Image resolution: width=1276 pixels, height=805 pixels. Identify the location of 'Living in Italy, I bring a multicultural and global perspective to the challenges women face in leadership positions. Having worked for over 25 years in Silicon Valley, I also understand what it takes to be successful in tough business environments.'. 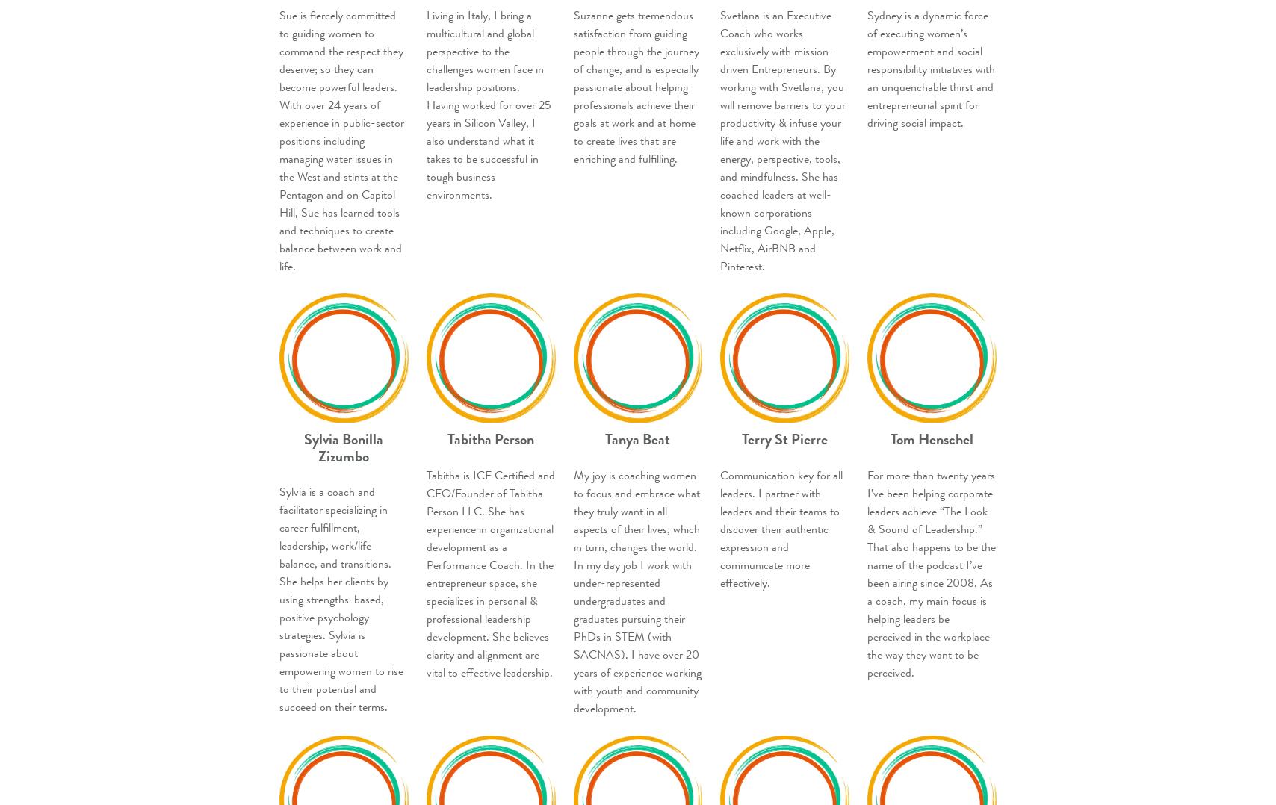
(488, 105).